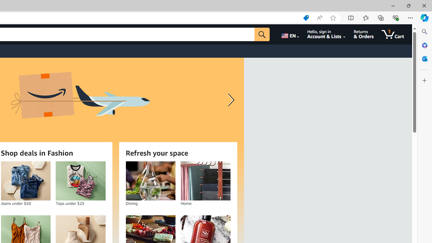  What do you see at coordinates (150, 181) in the screenshot?
I see `'Dining'` at bounding box center [150, 181].